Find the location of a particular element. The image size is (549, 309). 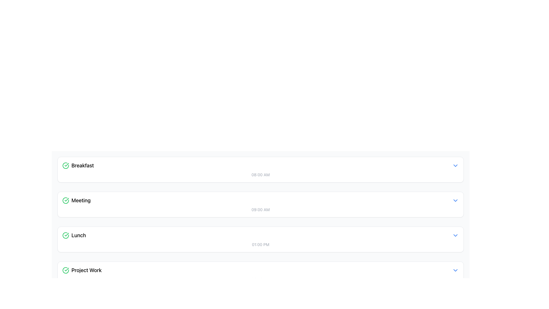

label of the first task list item labeled 'Breakfast', which is visually indicated by a green checkmark is located at coordinates (78, 165).